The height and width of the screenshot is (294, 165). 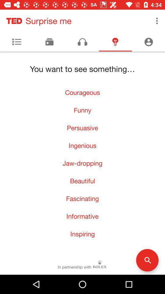 I want to click on beautiful icon, so click(x=82, y=181).